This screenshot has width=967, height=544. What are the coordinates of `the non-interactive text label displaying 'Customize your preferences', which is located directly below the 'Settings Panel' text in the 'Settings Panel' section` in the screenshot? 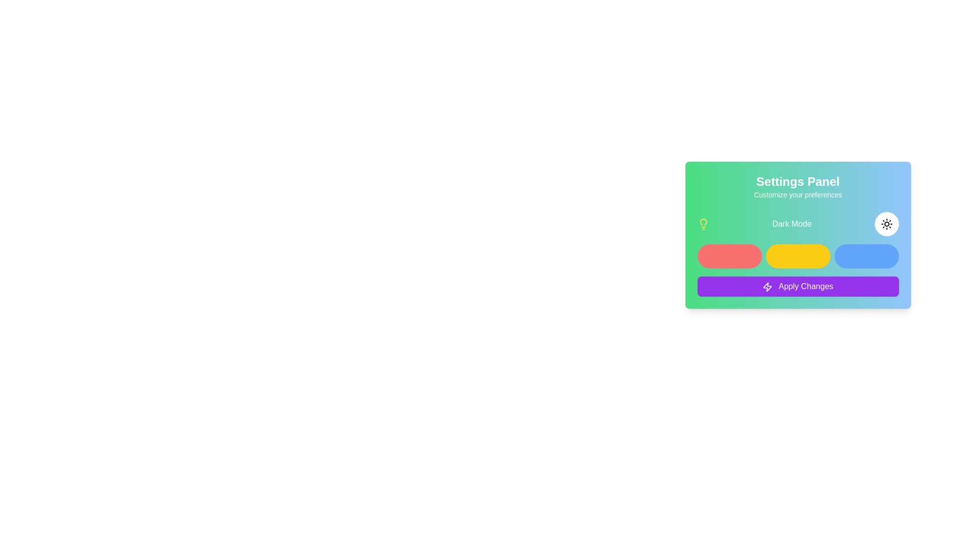 It's located at (797, 194).